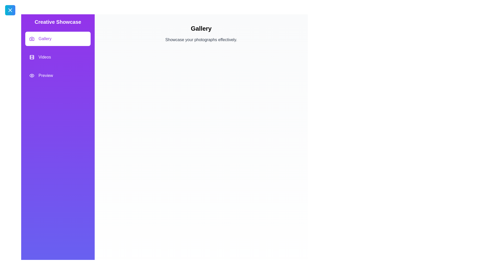 The width and height of the screenshot is (490, 276). What do you see at coordinates (58, 76) in the screenshot?
I see `the feature Preview from the feature list` at bounding box center [58, 76].